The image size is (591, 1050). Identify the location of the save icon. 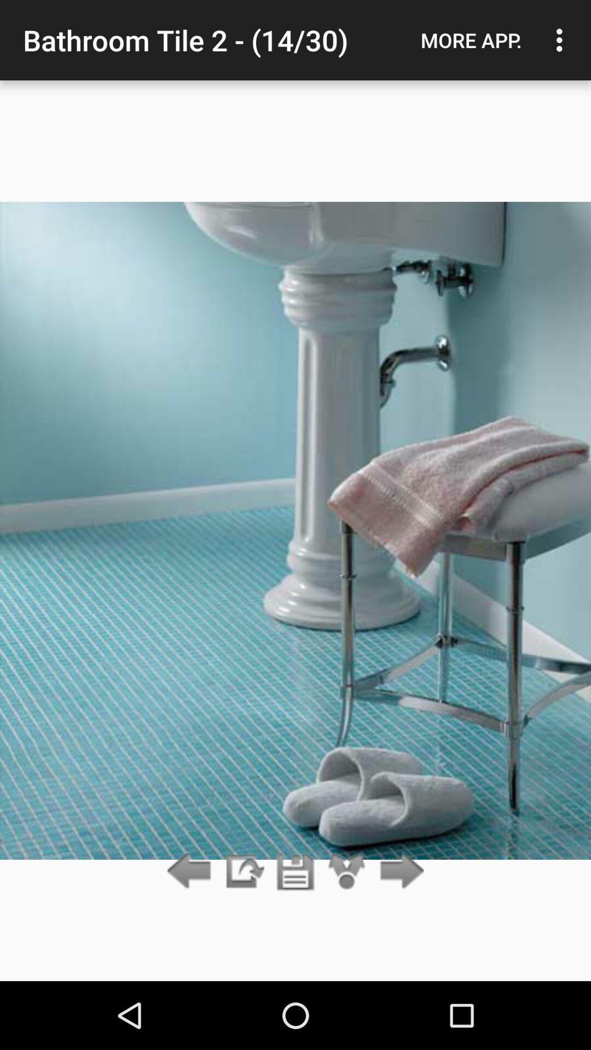
(296, 871).